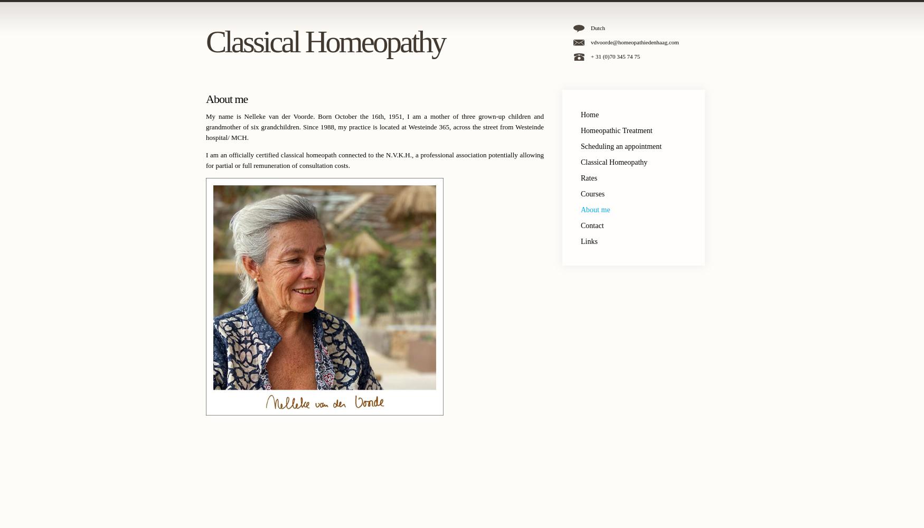 The image size is (924, 528). I want to click on 'Scheduling an appointment', so click(620, 146).